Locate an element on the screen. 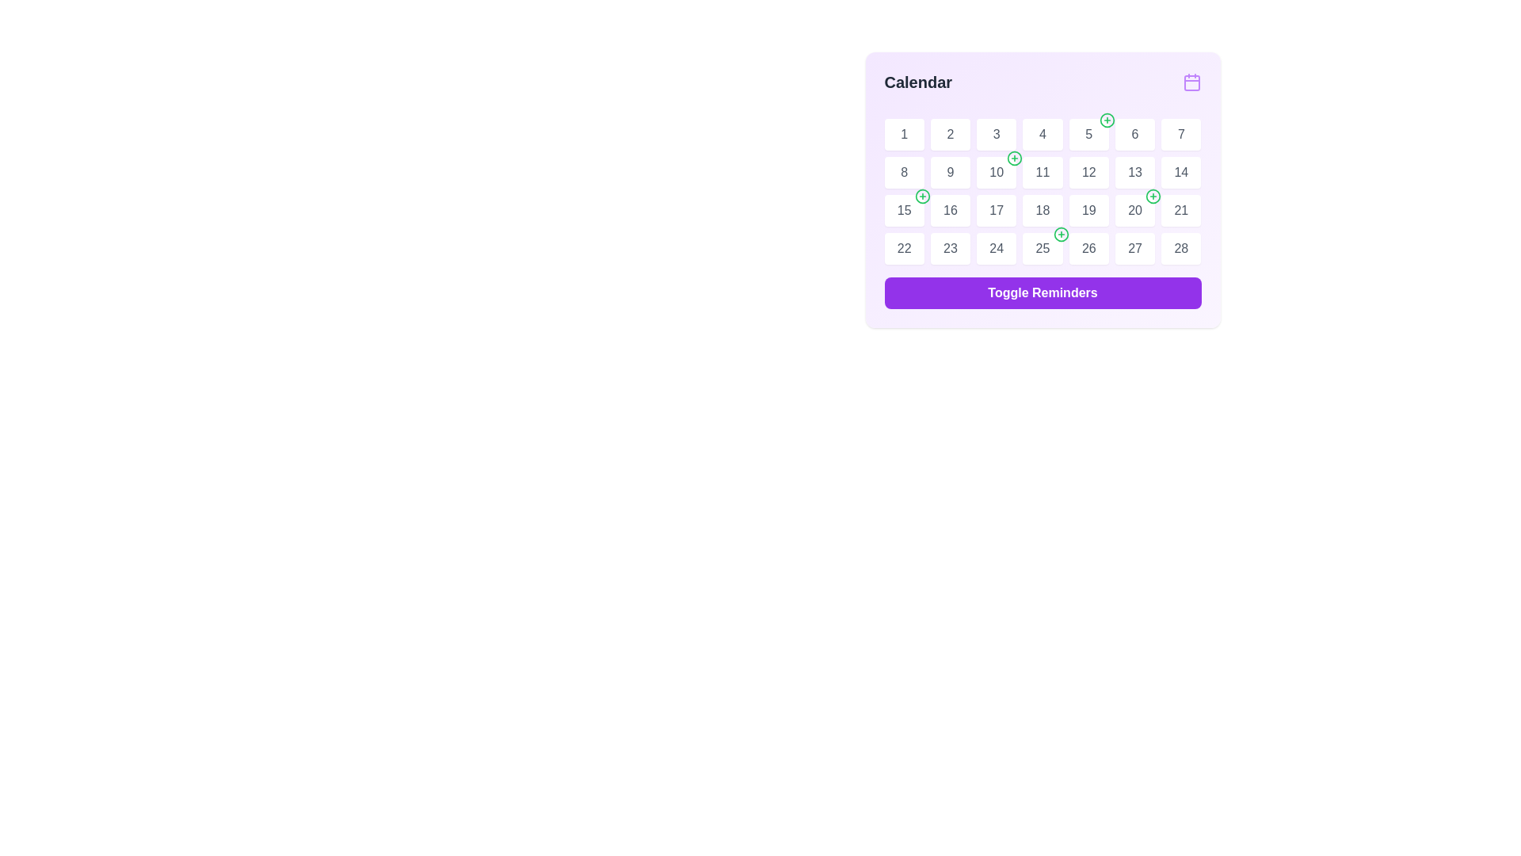 The width and height of the screenshot is (1521, 856). the calendar day element located in the fourth column of the first row under the 'Calendar' header for interaction is located at coordinates (1043, 133).